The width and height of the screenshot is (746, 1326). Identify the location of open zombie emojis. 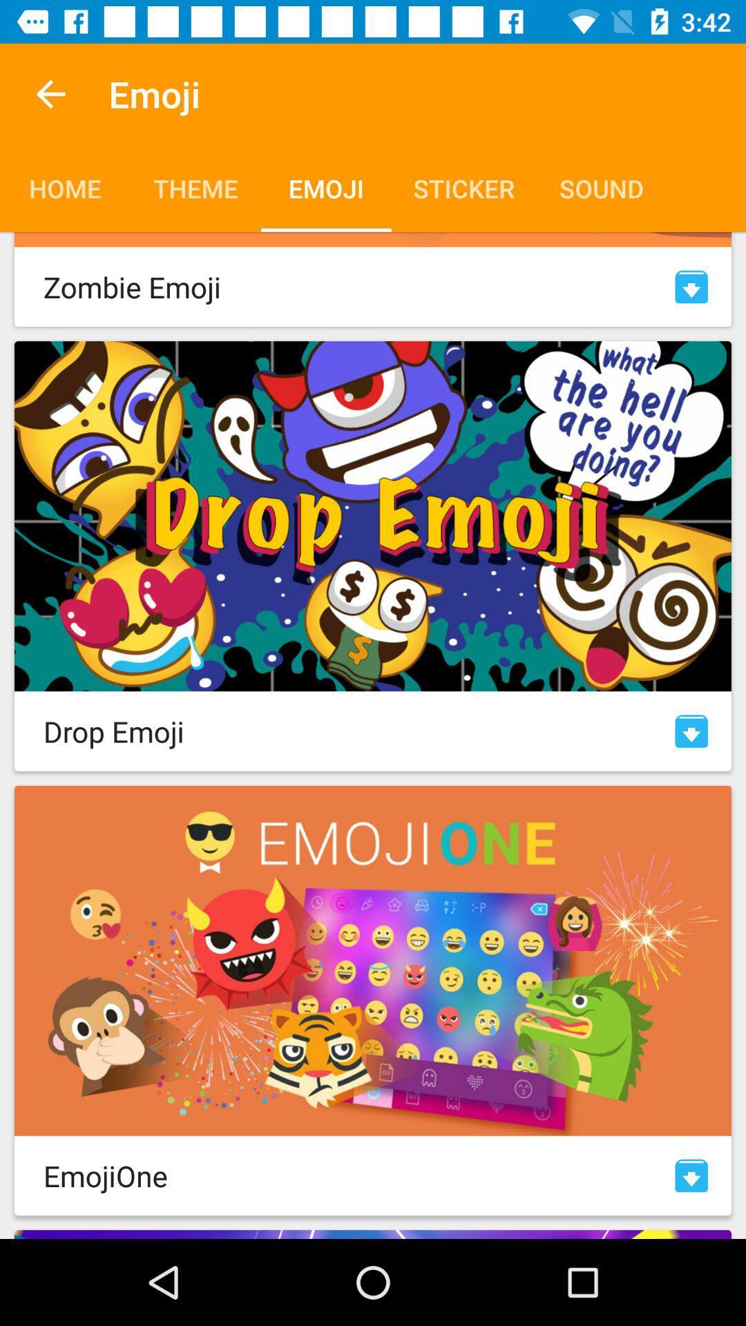
(691, 286).